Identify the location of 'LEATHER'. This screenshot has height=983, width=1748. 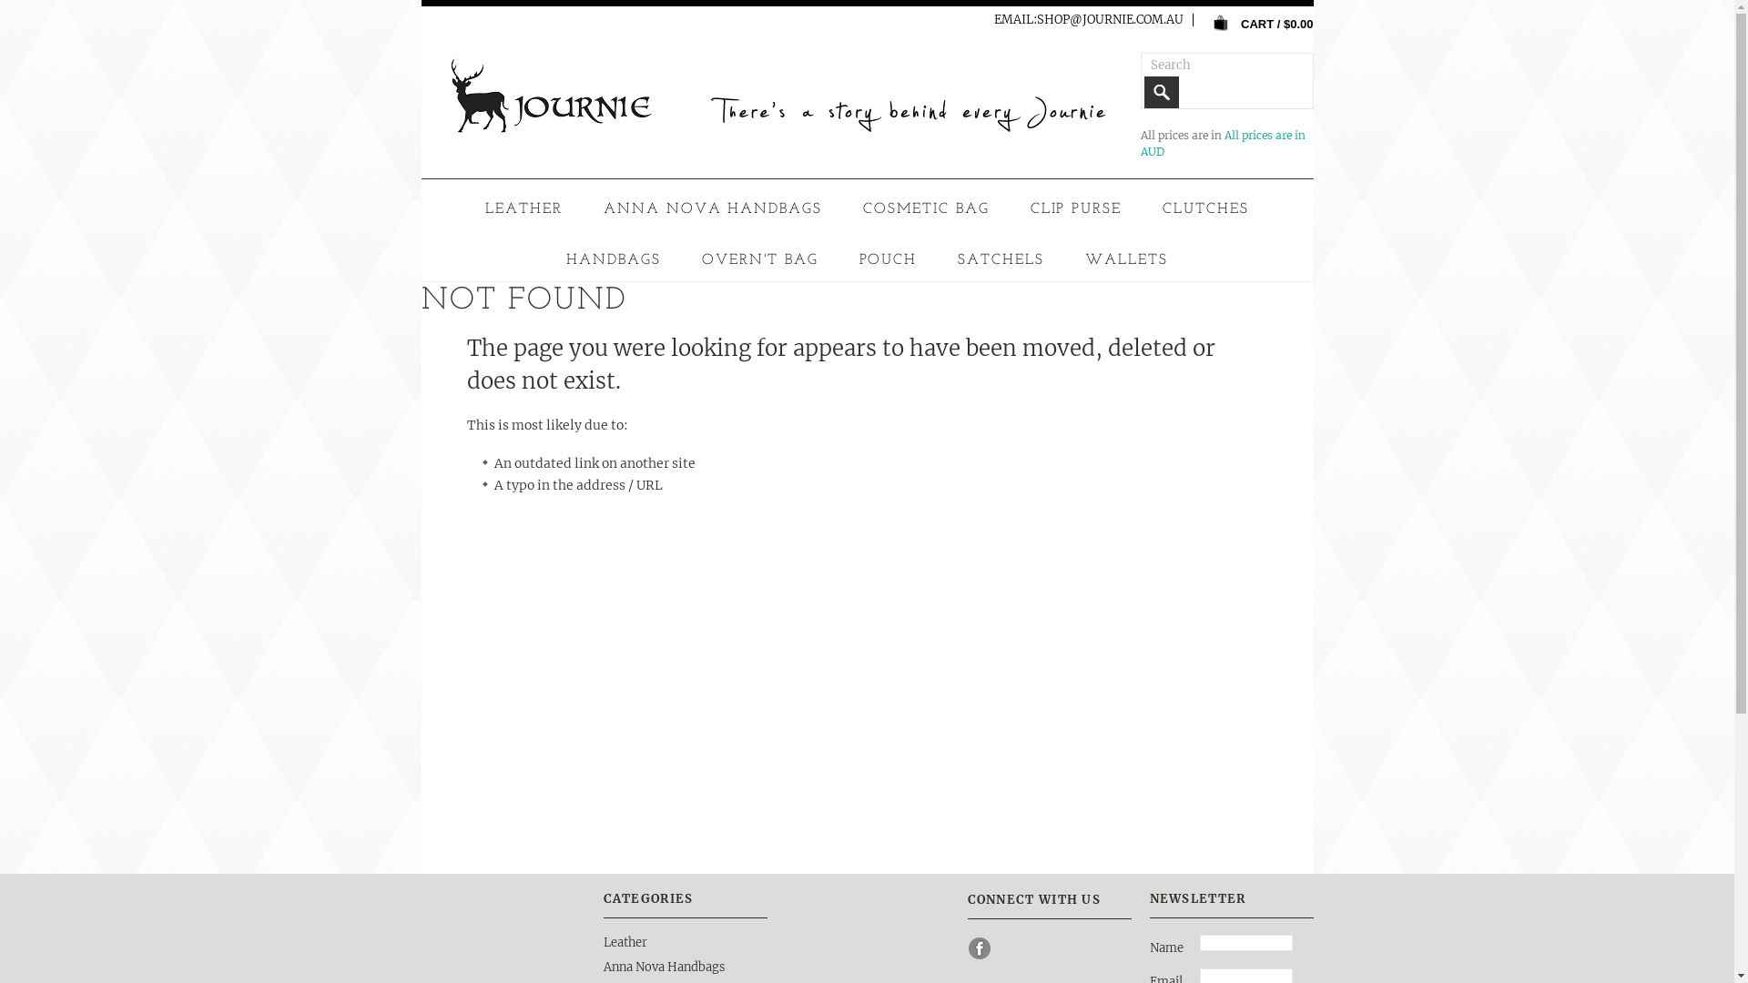
(476, 208).